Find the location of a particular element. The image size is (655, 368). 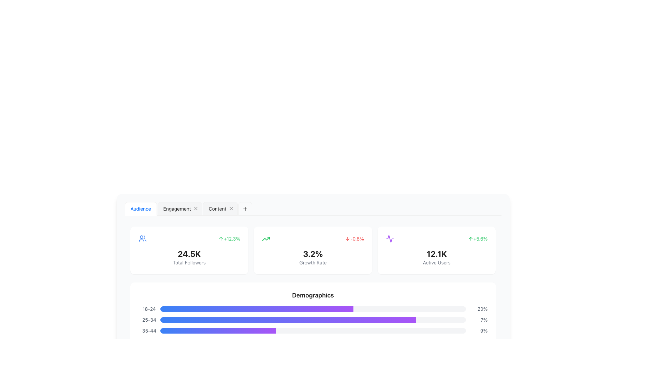

the button located to the far right of the tab navigation bar, which adds a new tab when clicked is located at coordinates (245, 209).